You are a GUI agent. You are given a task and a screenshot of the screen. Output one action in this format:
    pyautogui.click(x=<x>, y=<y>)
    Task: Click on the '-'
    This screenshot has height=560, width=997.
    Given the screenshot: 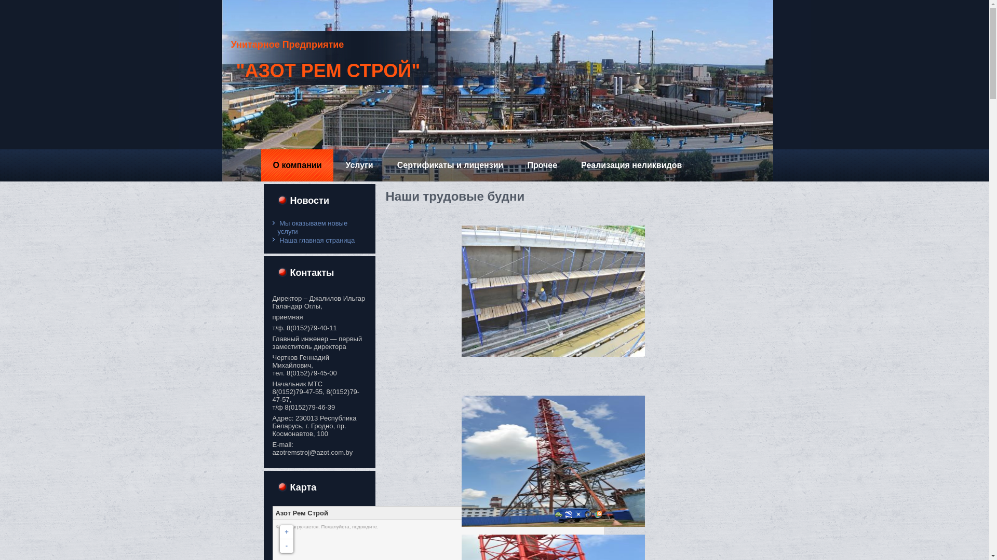 What is the action you would take?
    pyautogui.click(x=286, y=545)
    